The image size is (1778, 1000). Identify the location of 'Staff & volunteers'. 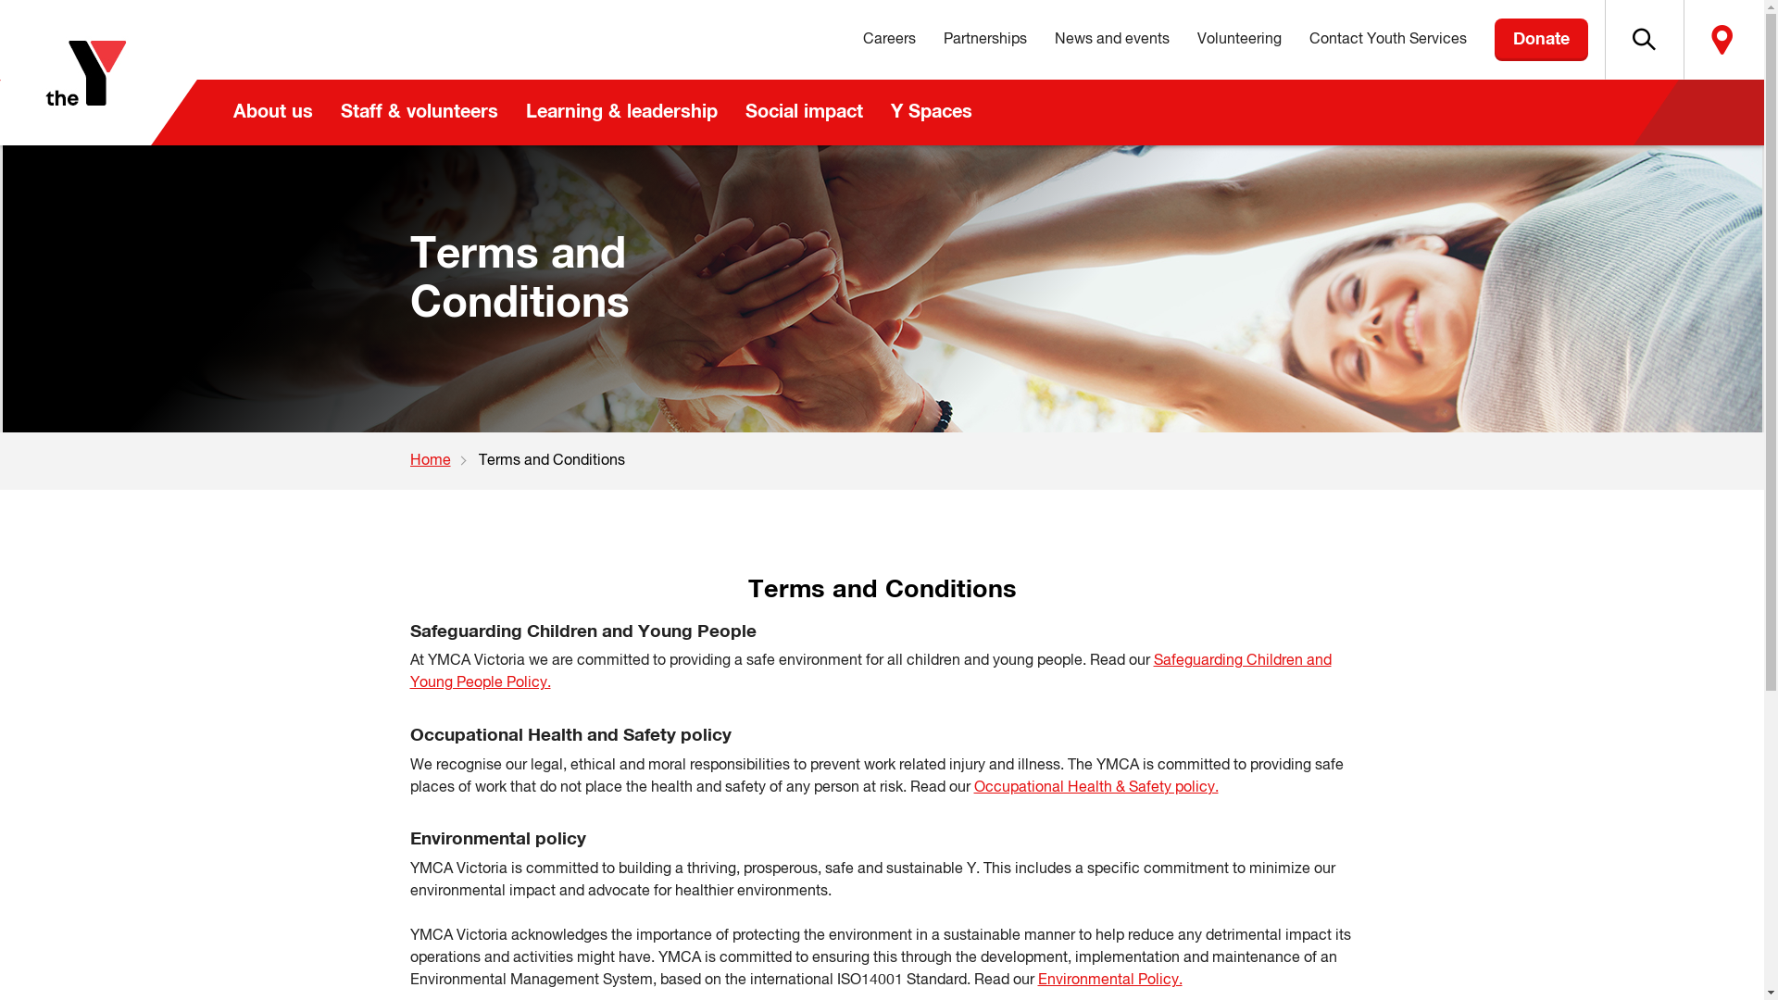
(417, 112).